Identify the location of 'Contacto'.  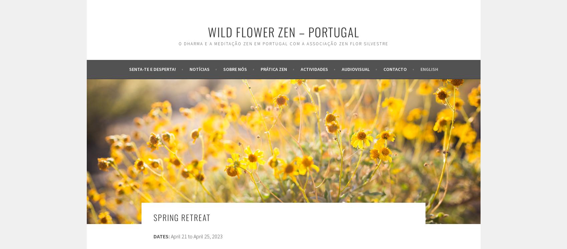
(395, 69).